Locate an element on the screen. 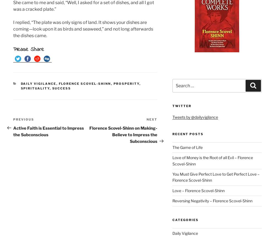 This screenshot has height=237, width=275. 'Prosperity' is located at coordinates (113, 84).